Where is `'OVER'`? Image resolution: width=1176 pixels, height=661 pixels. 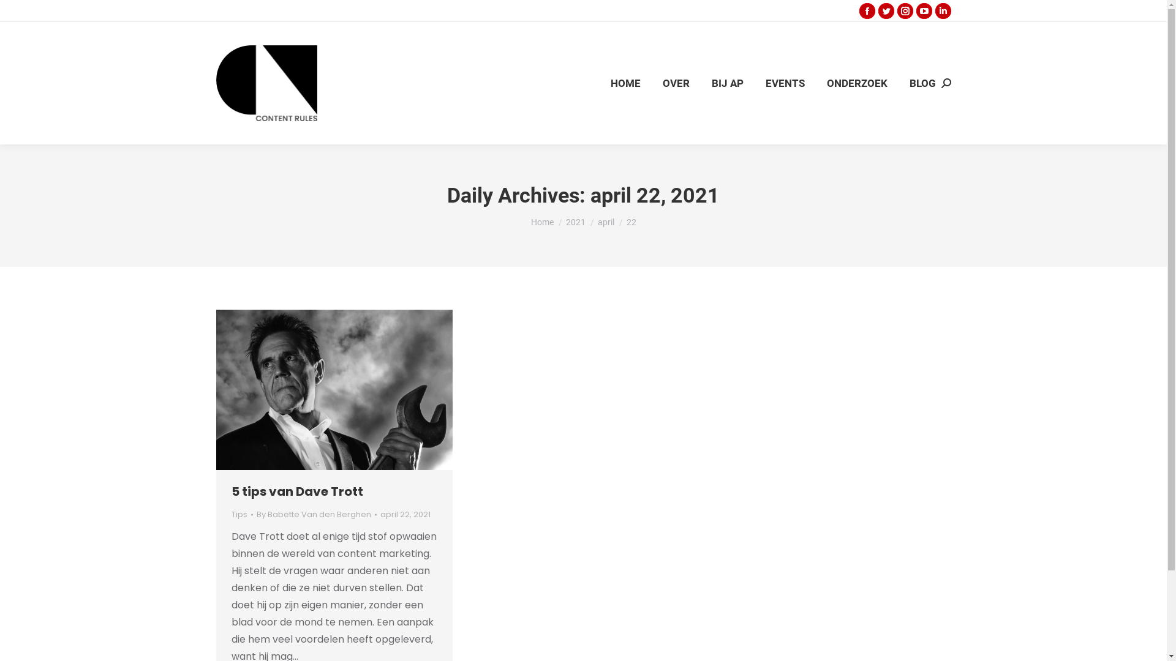 'OVER' is located at coordinates (660, 83).